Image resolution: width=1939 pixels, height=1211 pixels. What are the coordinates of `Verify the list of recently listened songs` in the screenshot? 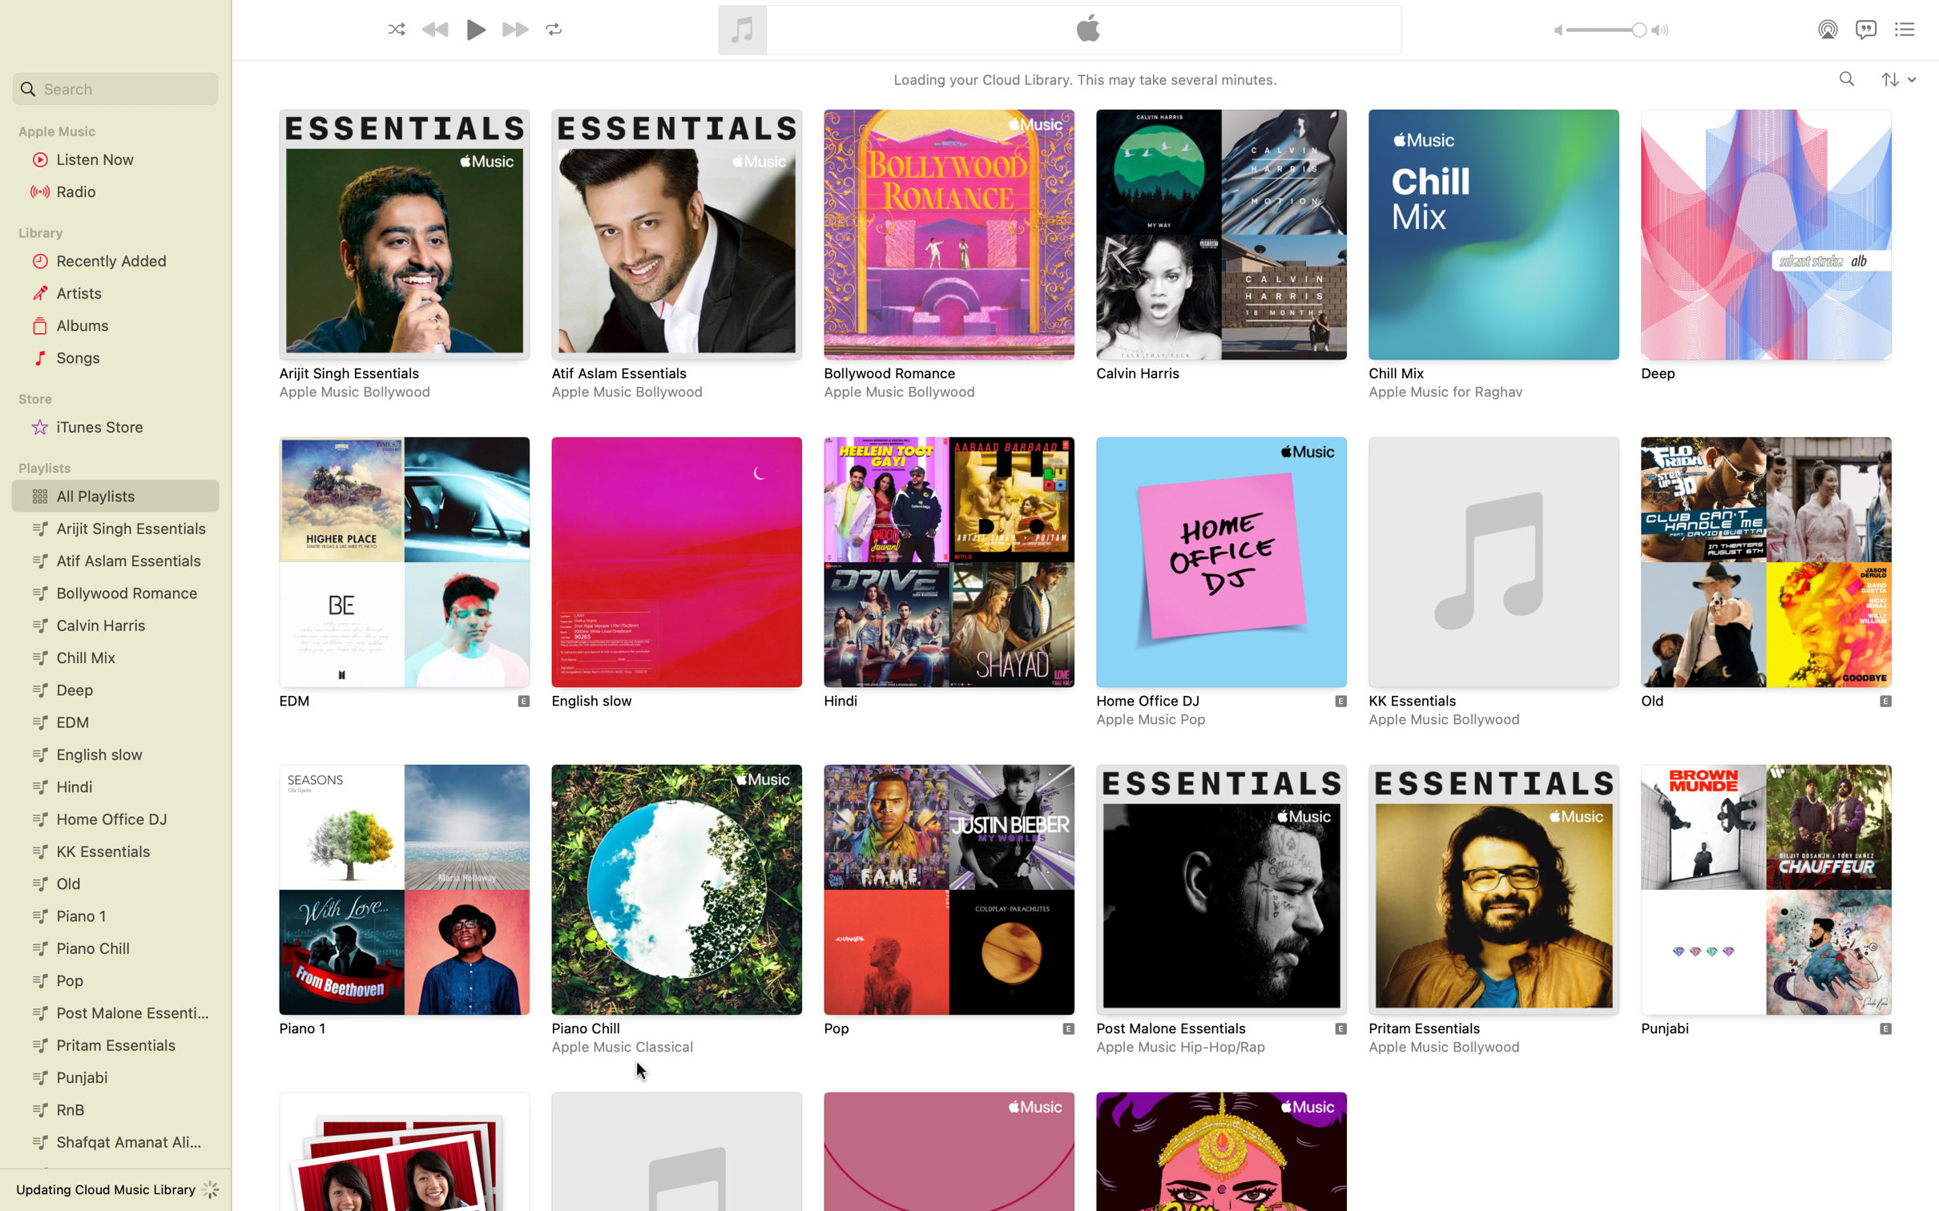 It's located at (112, 260).